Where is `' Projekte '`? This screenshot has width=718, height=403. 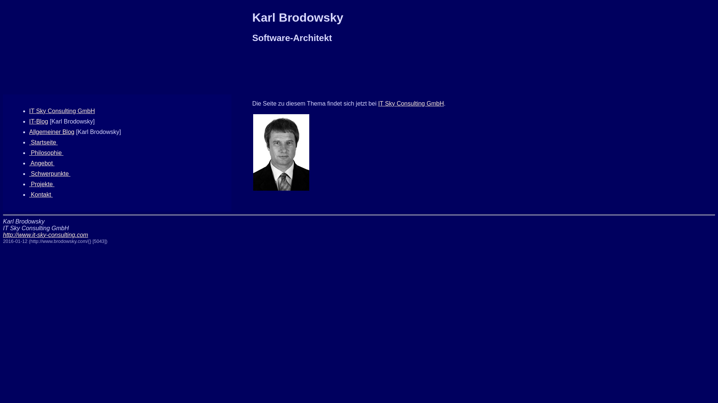 ' Projekte ' is located at coordinates (41, 184).